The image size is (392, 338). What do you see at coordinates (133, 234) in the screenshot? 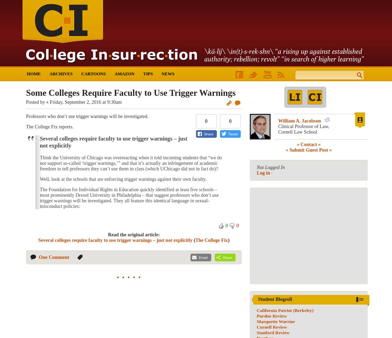
I see `'Read the original article:'` at bounding box center [133, 234].